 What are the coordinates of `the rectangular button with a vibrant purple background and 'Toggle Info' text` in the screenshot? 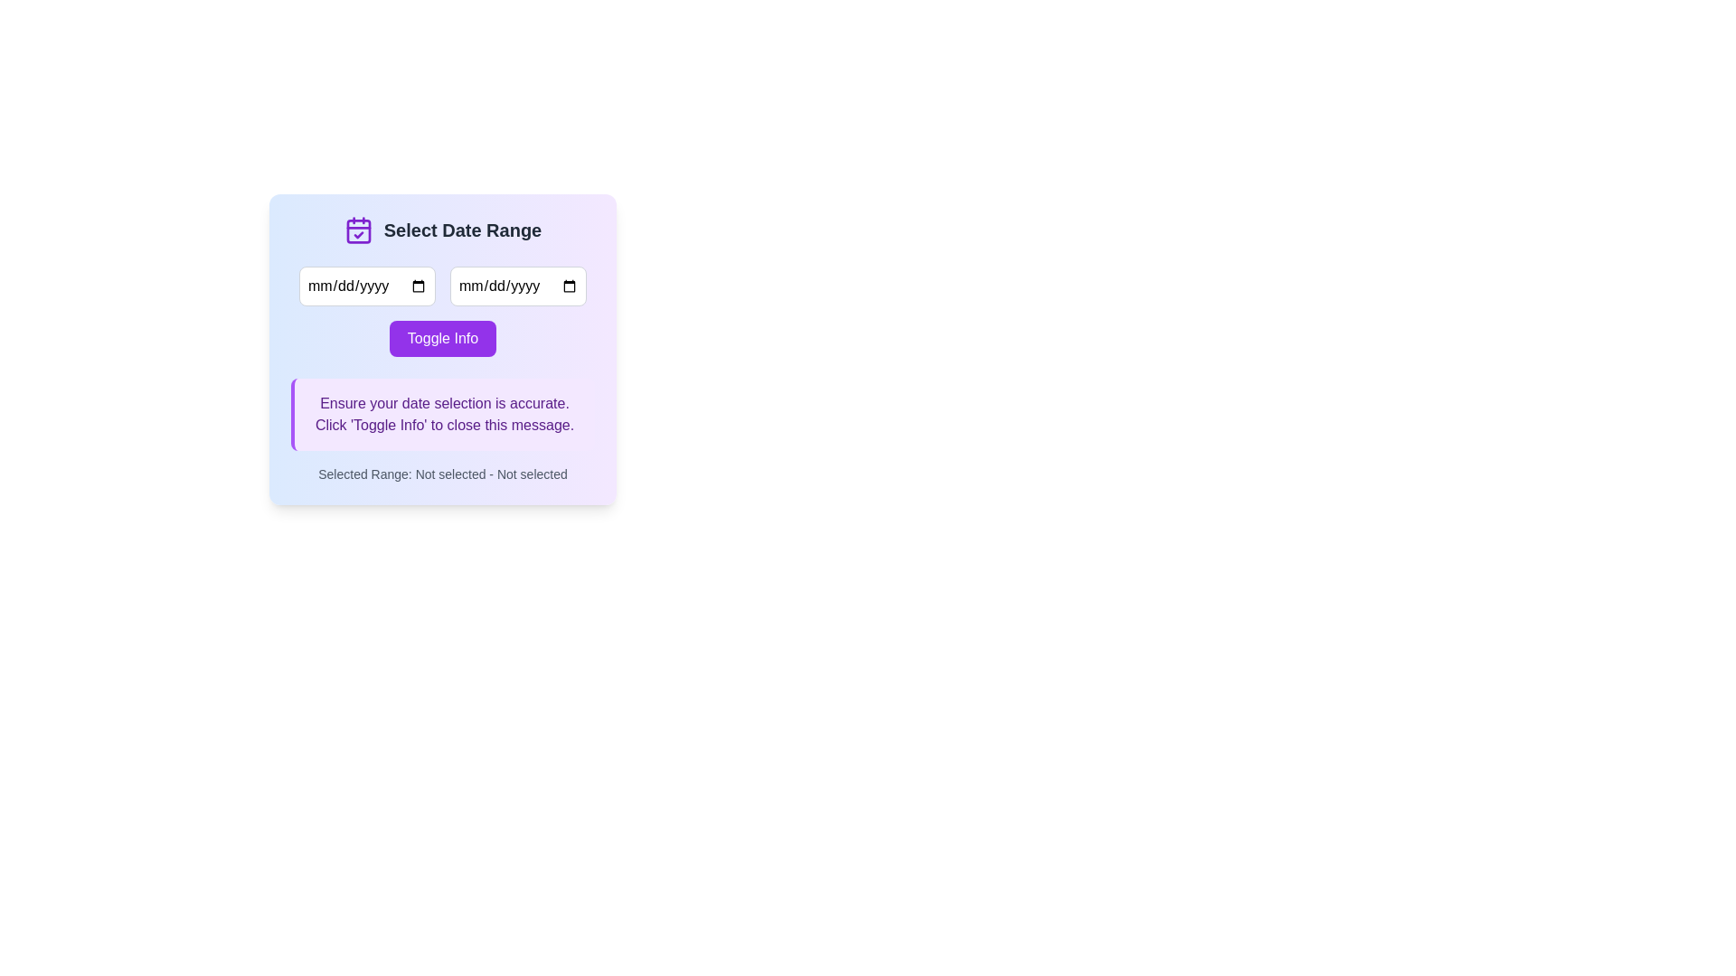 It's located at (442, 338).